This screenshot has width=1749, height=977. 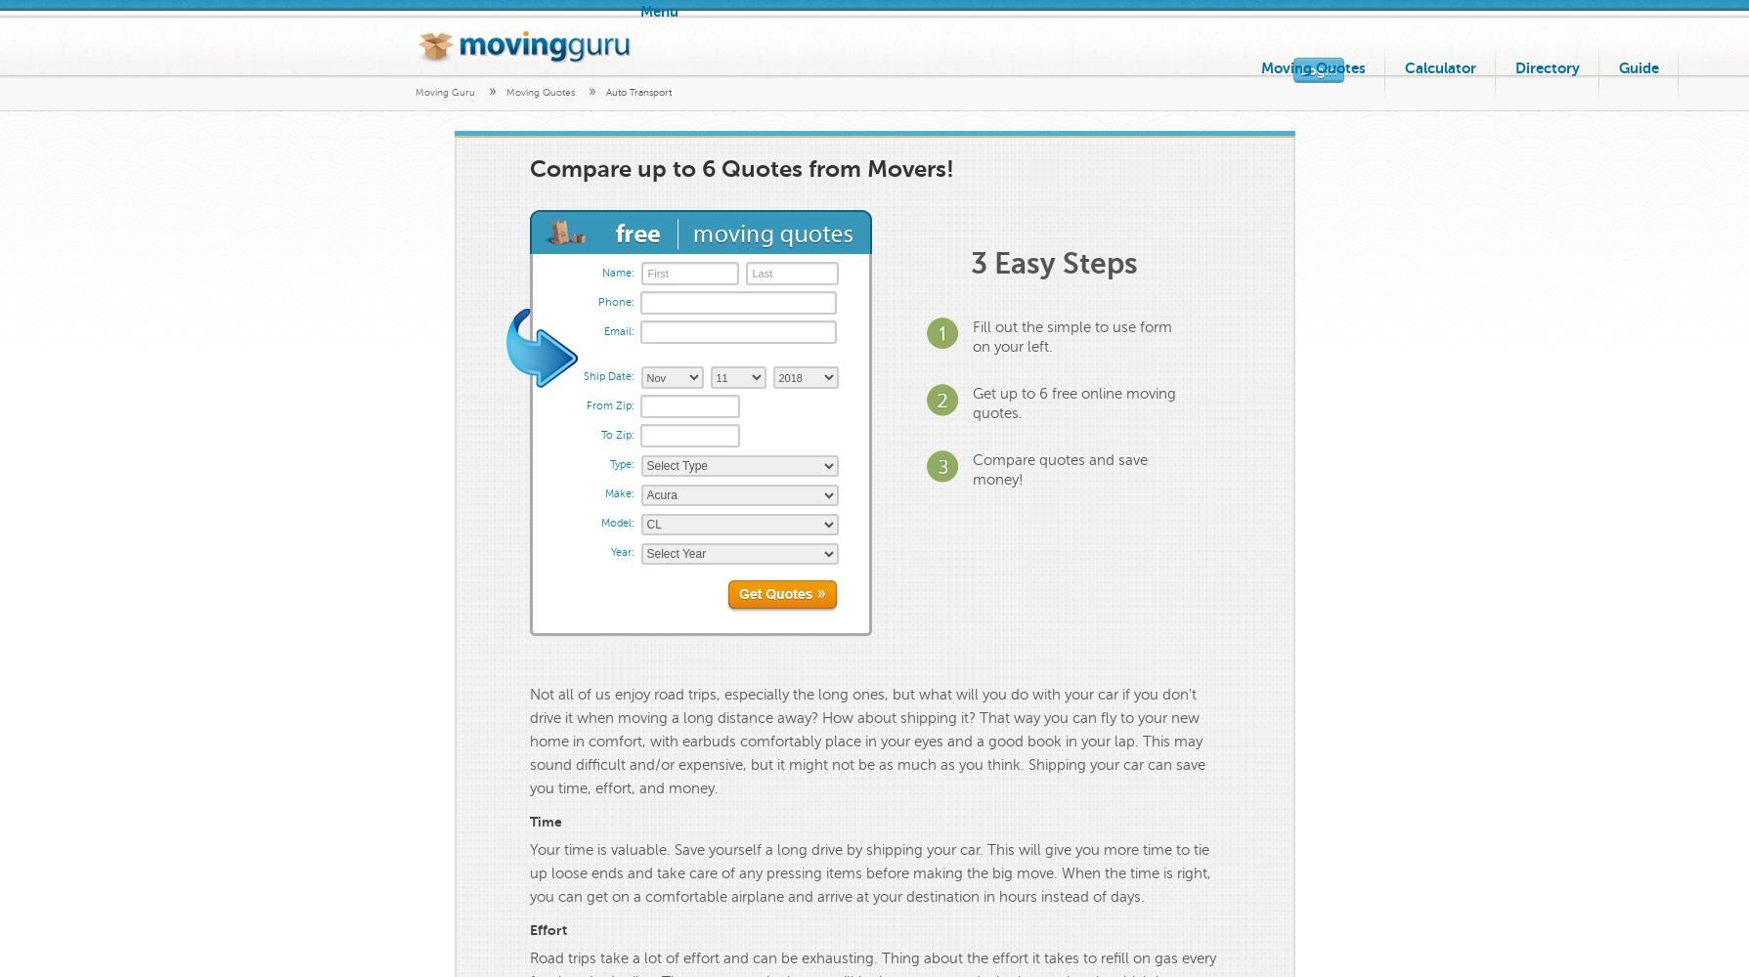 I want to click on 'From Zip:', so click(x=609, y=405).